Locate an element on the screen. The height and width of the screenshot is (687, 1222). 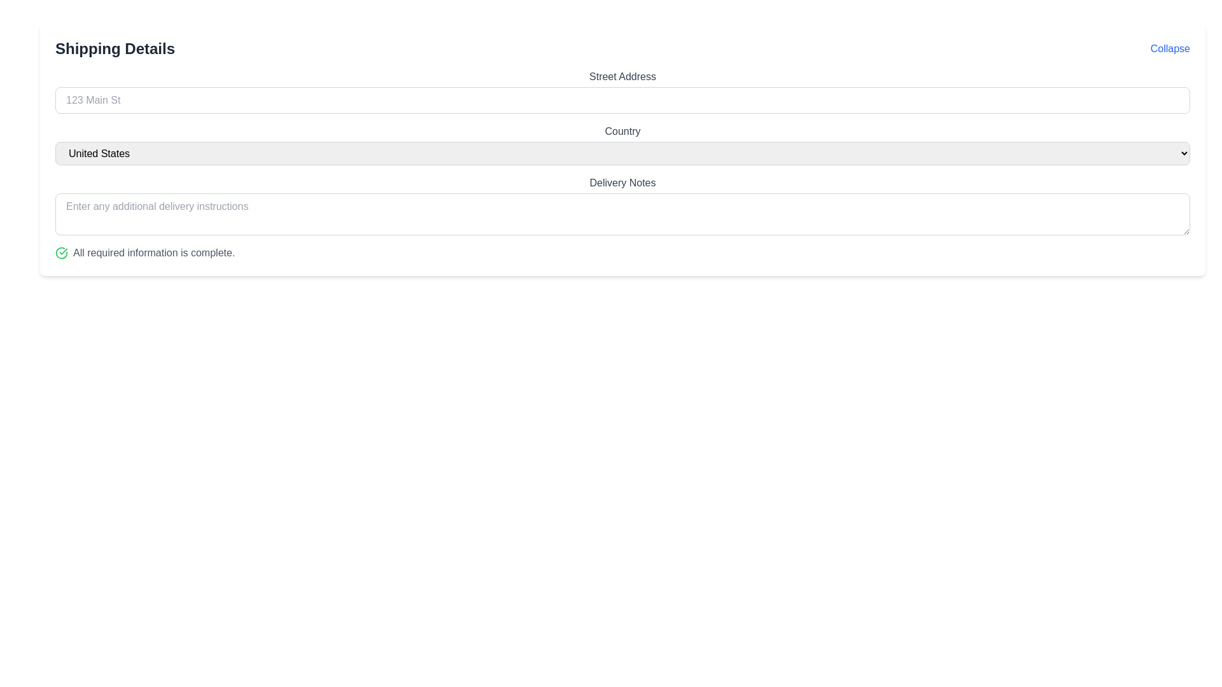
the success indicator icon located in the bottom-left corner of the text 'All required information is complete.' is located at coordinates (60, 253).